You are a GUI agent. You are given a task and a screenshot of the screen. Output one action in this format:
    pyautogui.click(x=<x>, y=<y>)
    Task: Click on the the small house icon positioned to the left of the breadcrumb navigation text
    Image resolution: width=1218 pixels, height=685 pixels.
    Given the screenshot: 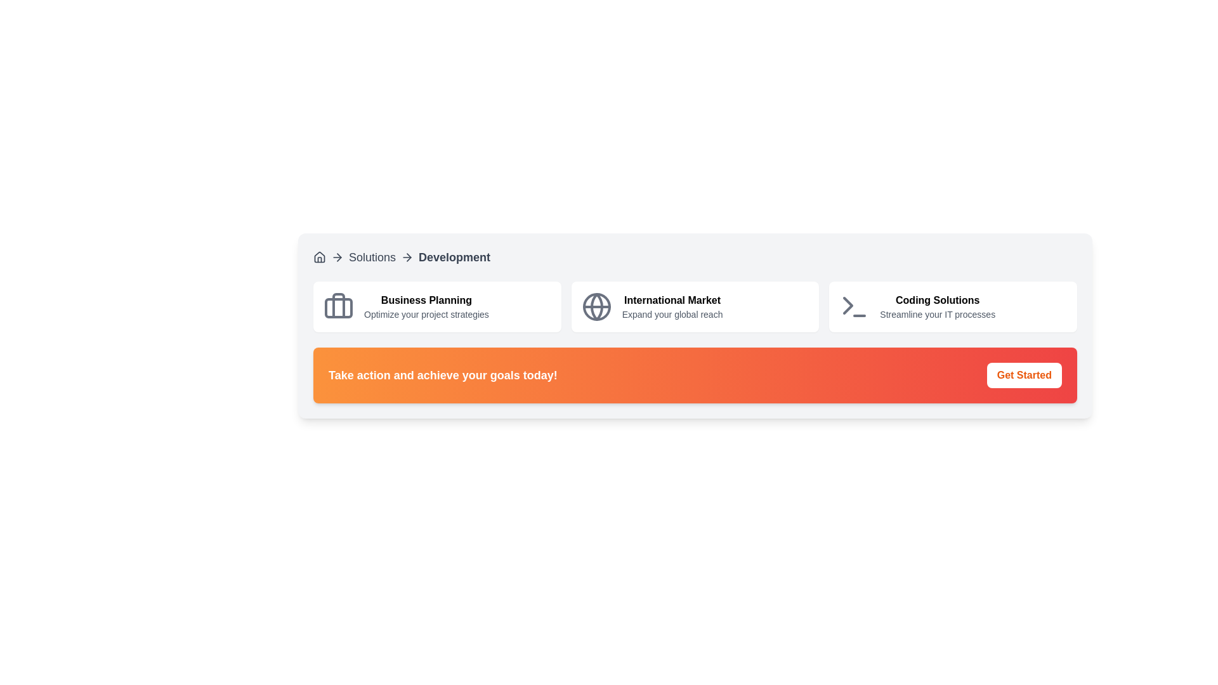 What is the action you would take?
    pyautogui.click(x=320, y=257)
    